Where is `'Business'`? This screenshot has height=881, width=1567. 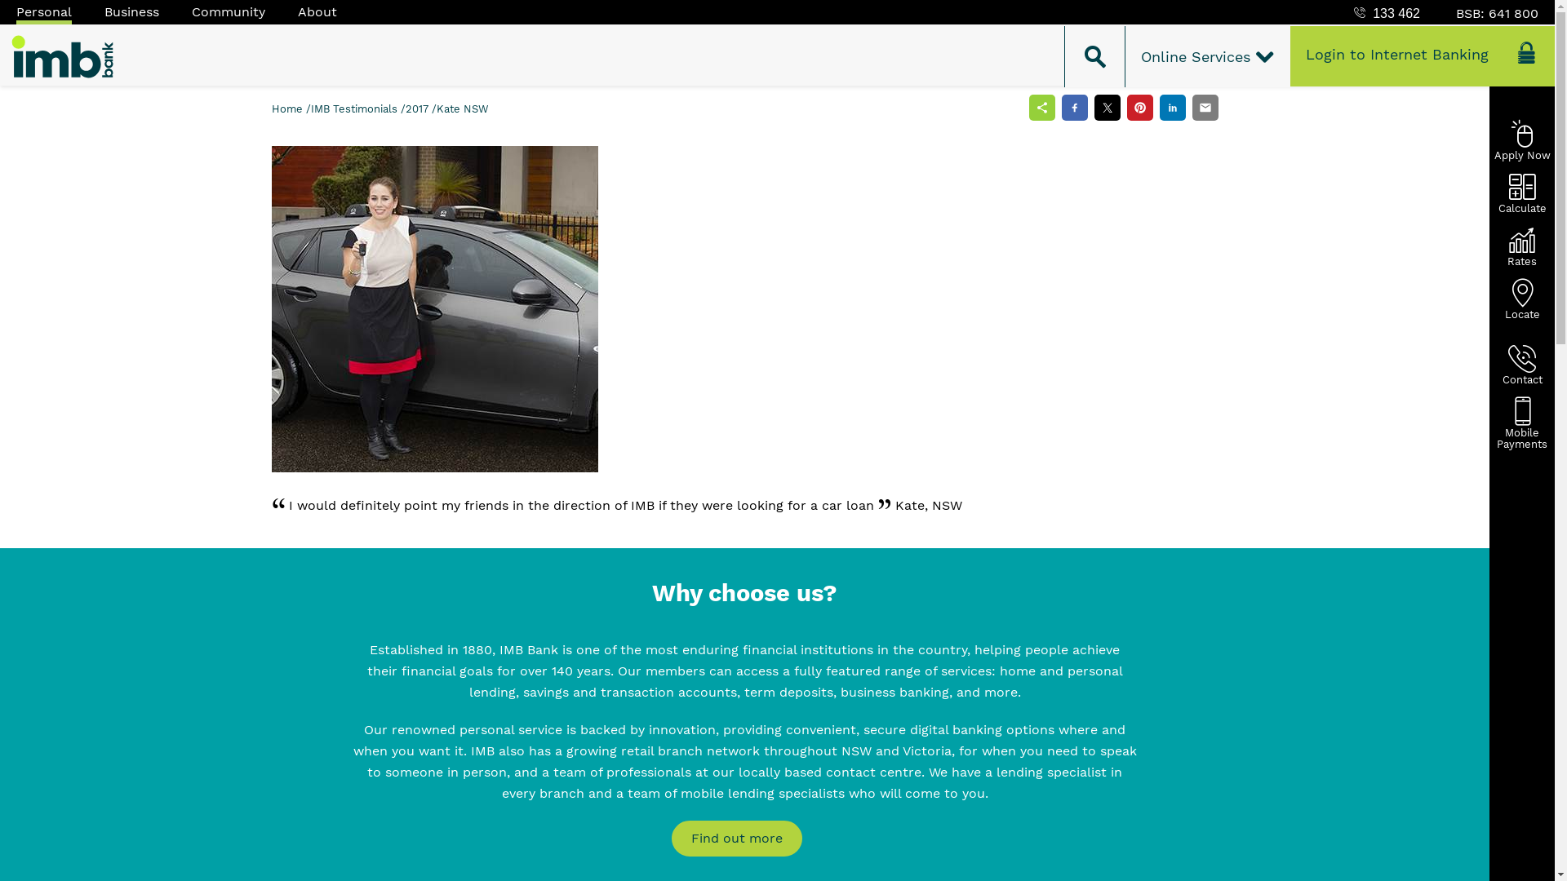 'Business' is located at coordinates (104, 11).